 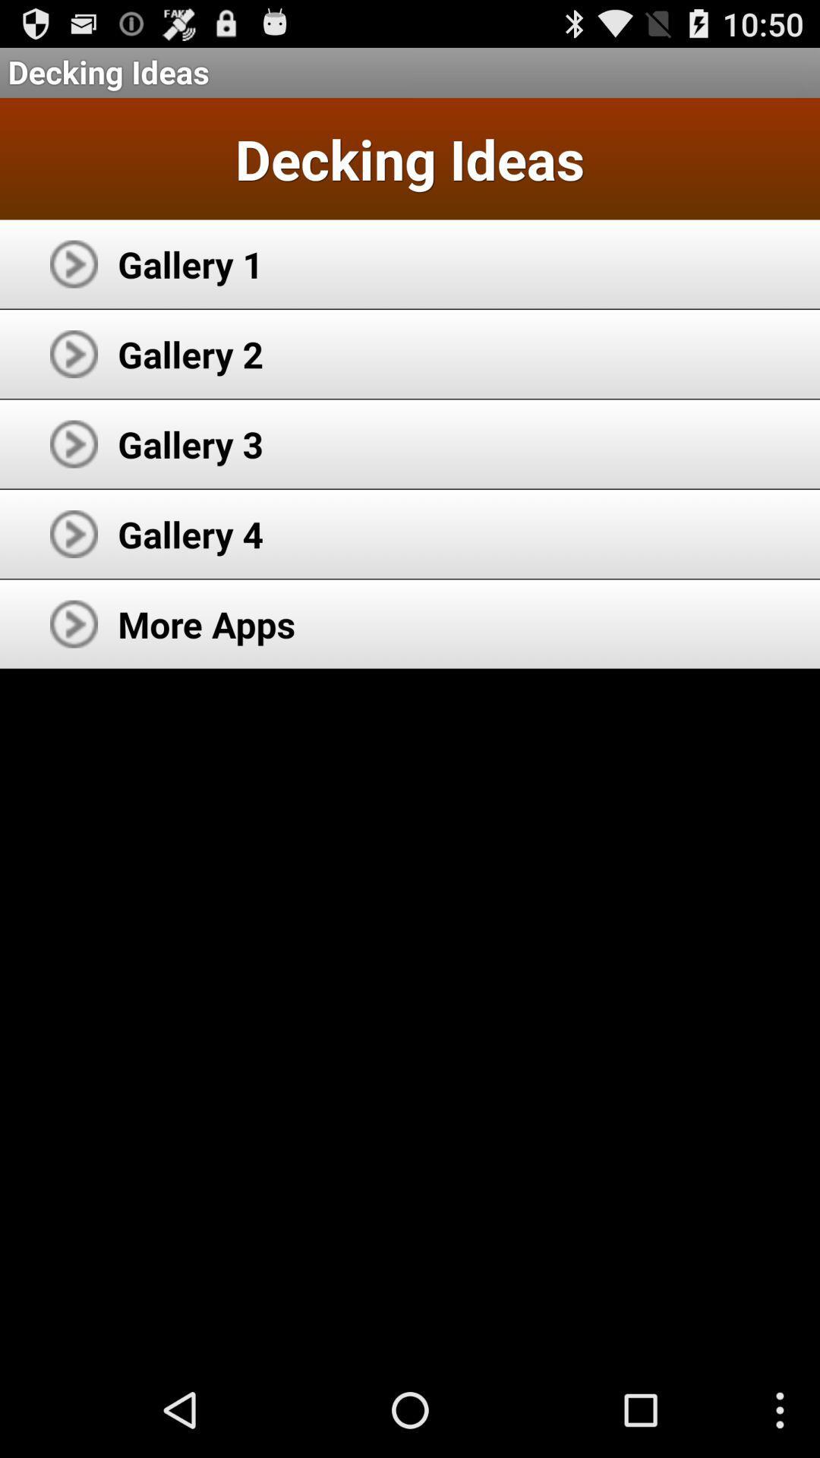 What do you see at coordinates (190, 353) in the screenshot?
I see `the gallery 2 icon` at bounding box center [190, 353].